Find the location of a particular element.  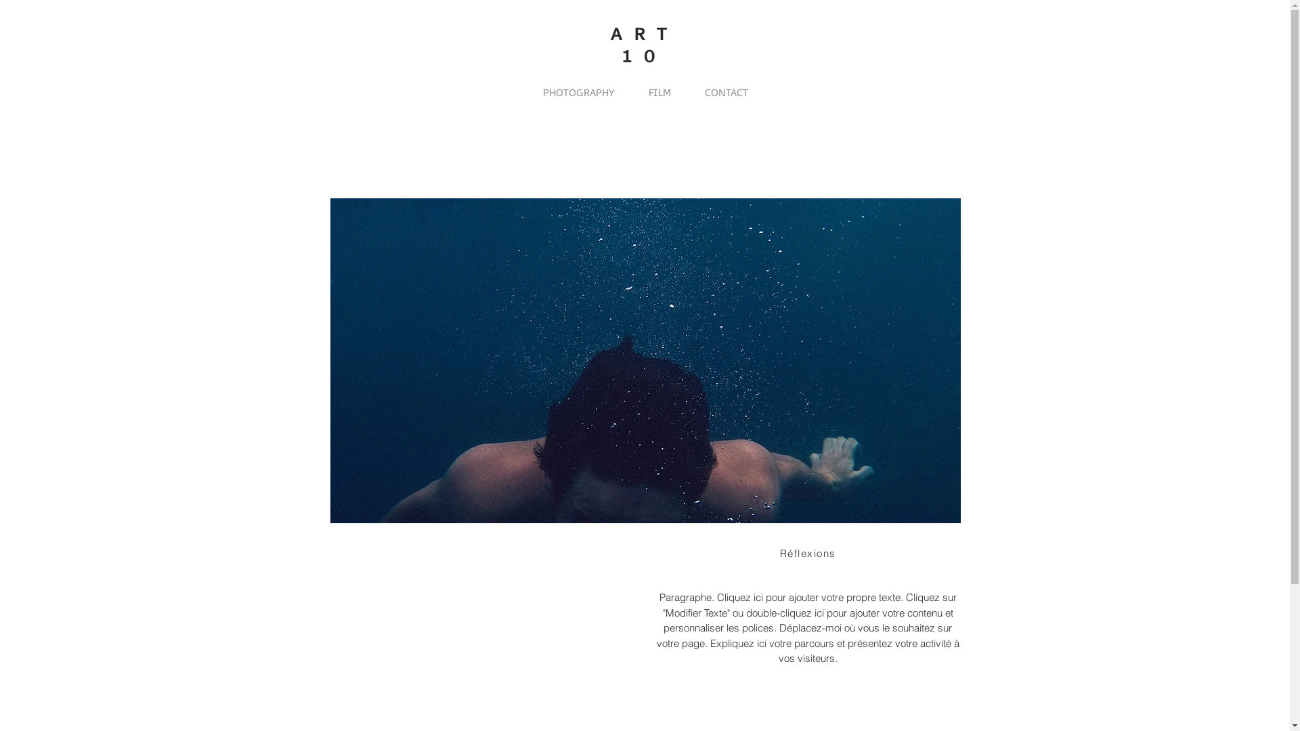

'CONTACT' is located at coordinates (726, 92).